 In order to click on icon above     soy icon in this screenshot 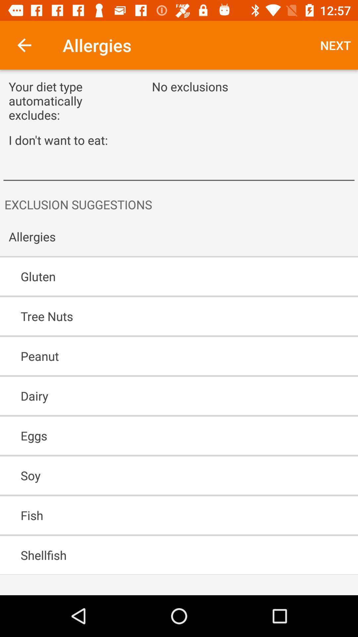, I will do `click(160, 436)`.